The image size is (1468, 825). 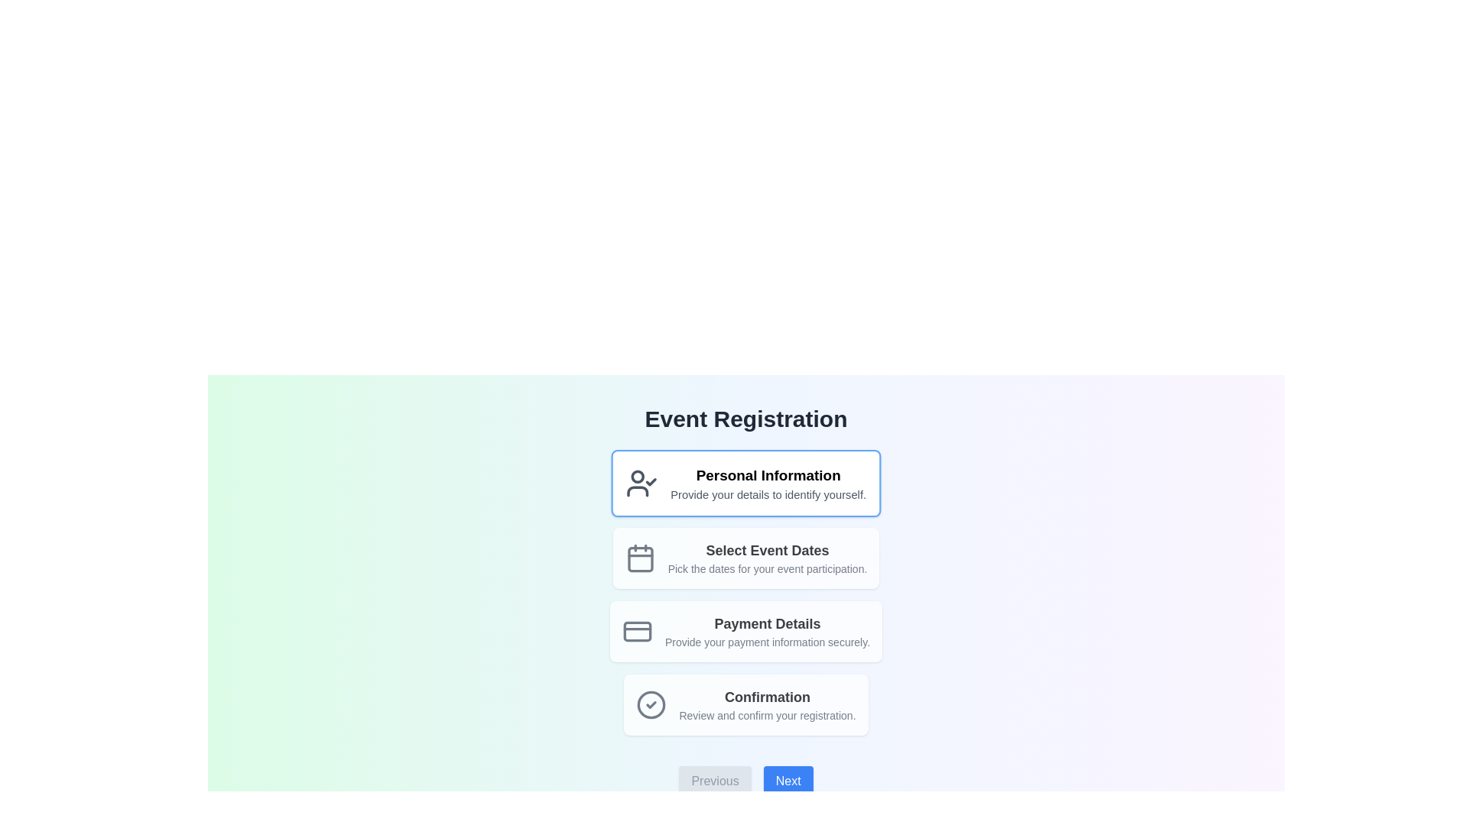 What do you see at coordinates (714, 781) in the screenshot?
I see `the 'Previous' button with rounded corners, light gray background, and gray text` at bounding box center [714, 781].